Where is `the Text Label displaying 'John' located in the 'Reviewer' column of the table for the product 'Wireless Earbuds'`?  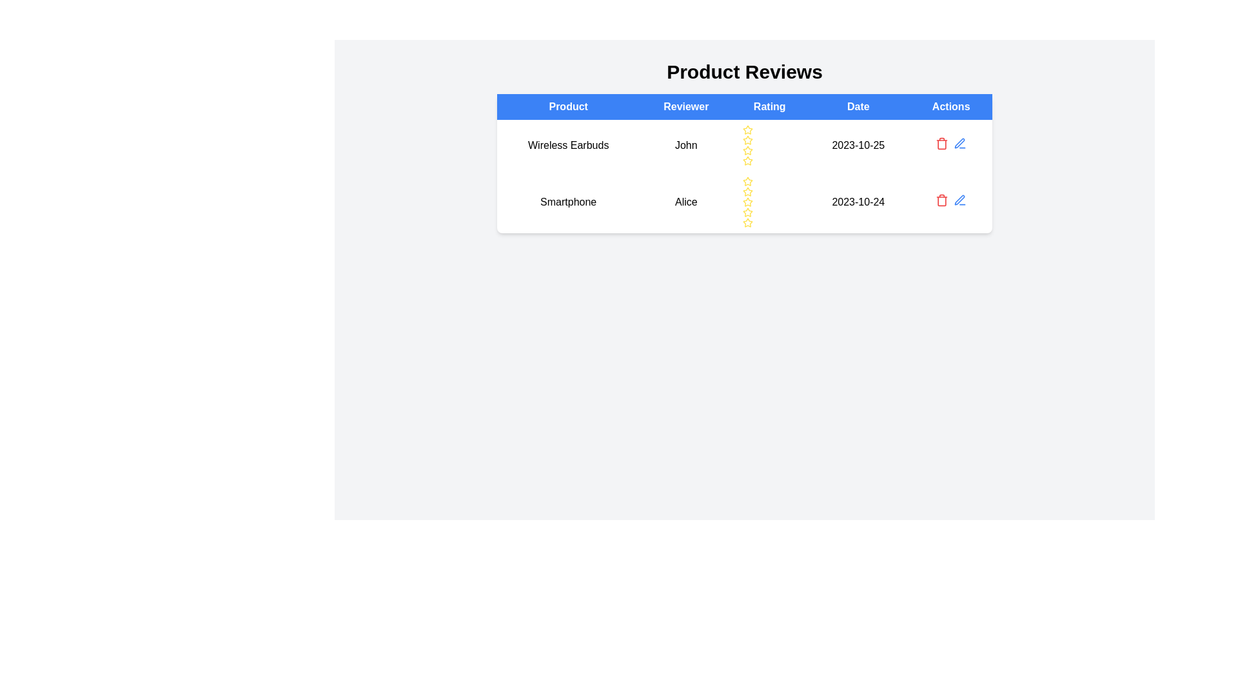 the Text Label displaying 'John' located in the 'Reviewer' column of the table for the product 'Wireless Earbuds' is located at coordinates (685, 145).